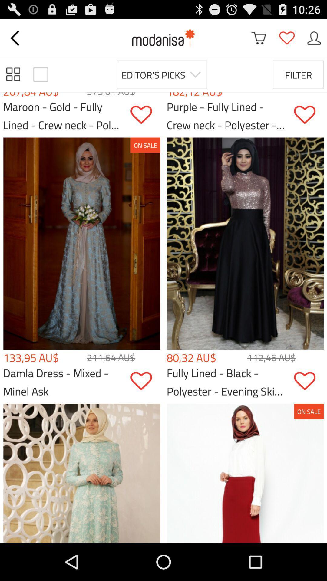 This screenshot has width=327, height=581. What do you see at coordinates (145, 381) in the screenshot?
I see `love button` at bounding box center [145, 381].